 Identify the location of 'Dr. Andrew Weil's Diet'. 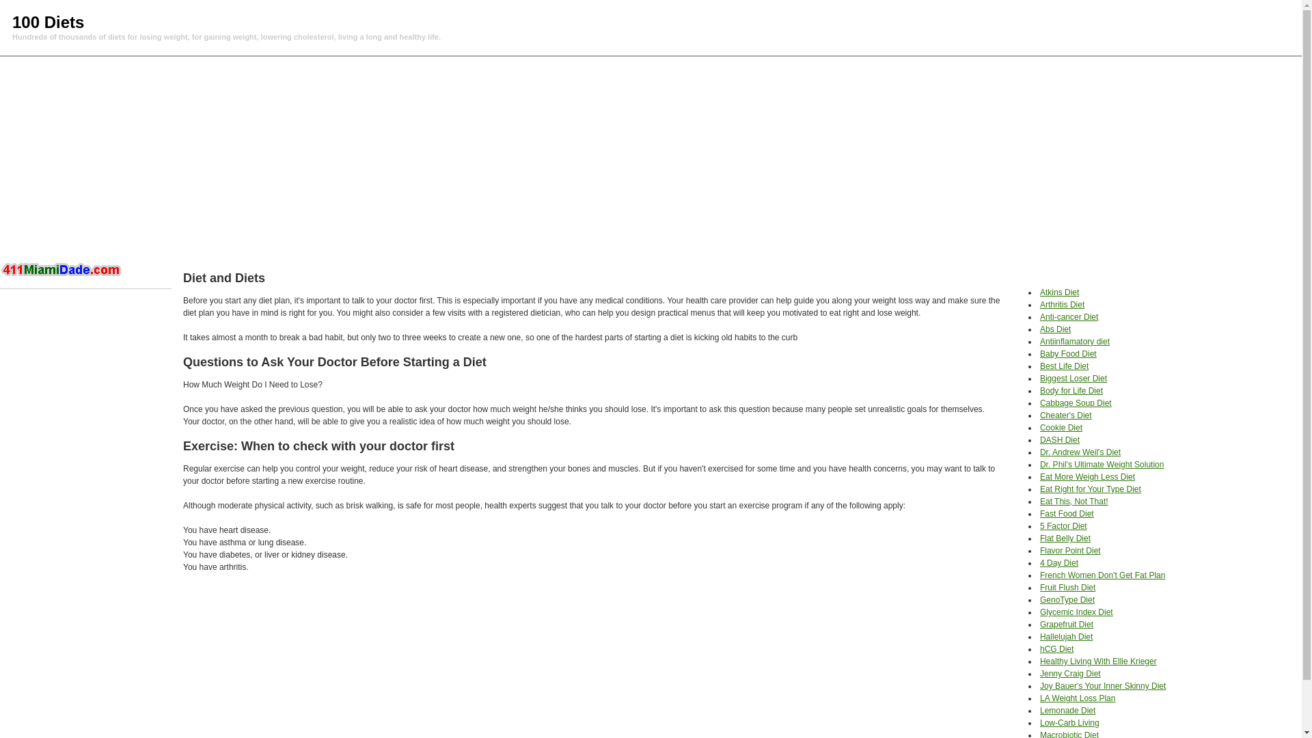
(1079, 452).